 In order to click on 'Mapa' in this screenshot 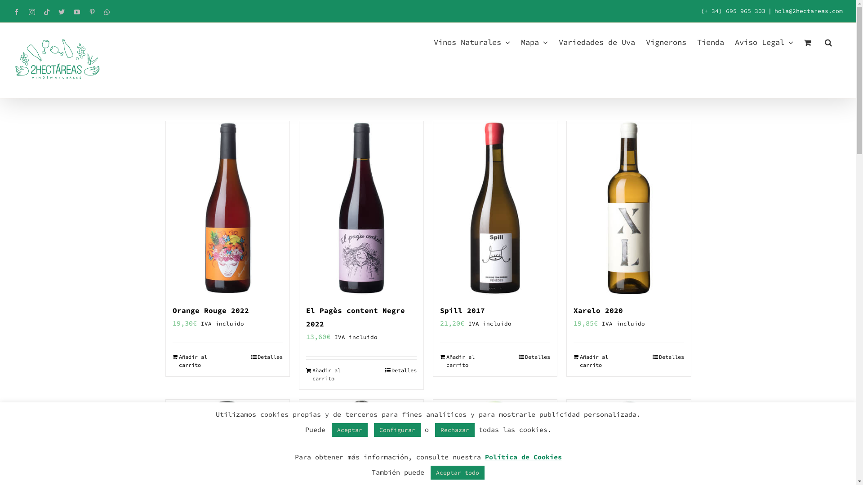, I will do `click(520, 41)`.